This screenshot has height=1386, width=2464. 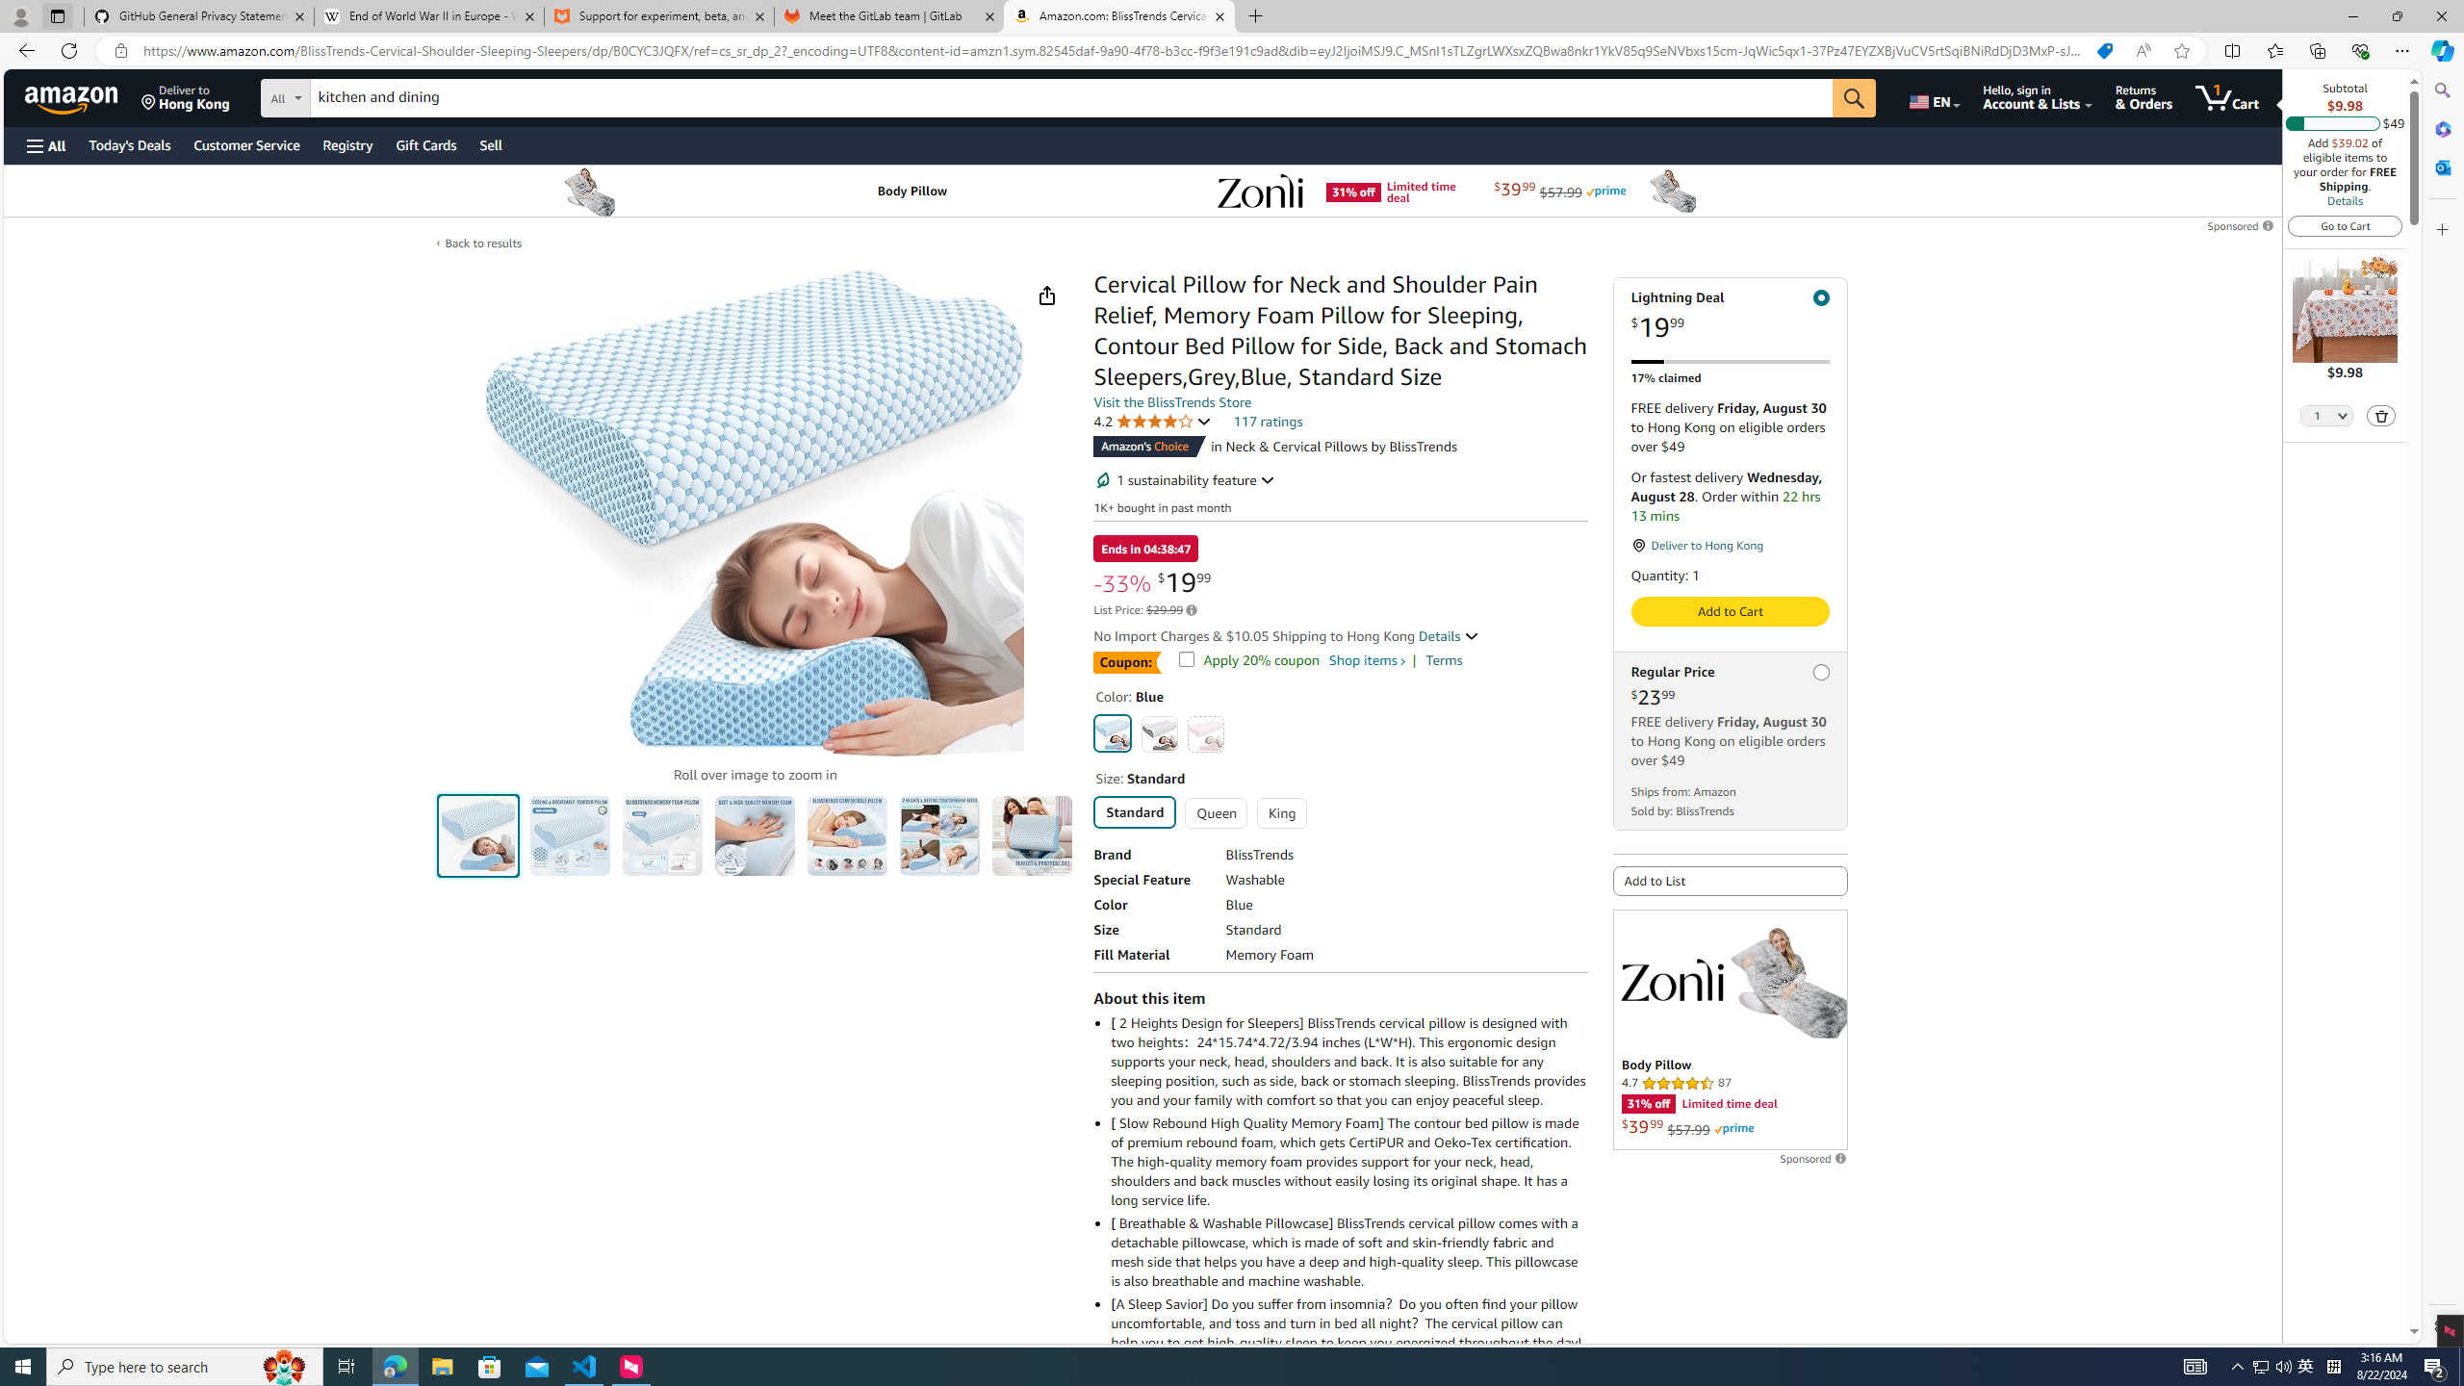 I want to click on 'Search Amazon', so click(x=1070, y=98).